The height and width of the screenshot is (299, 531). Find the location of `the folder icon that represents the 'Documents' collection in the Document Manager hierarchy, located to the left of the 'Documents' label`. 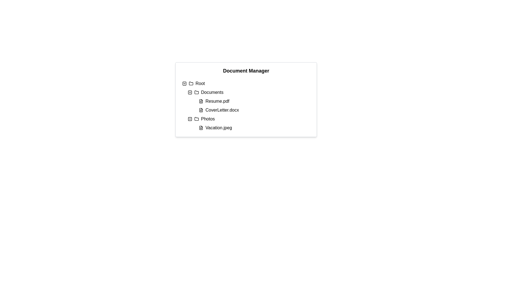

the folder icon that represents the 'Documents' collection in the Document Manager hierarchy, located to the left of the 'Documents' label is located at coordinates (196, 92).